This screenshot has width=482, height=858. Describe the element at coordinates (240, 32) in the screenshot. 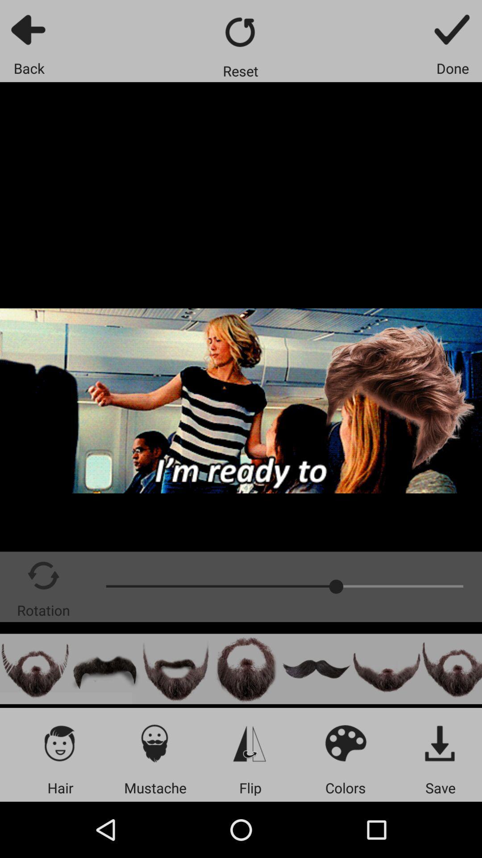

I see `reset button` at that location.